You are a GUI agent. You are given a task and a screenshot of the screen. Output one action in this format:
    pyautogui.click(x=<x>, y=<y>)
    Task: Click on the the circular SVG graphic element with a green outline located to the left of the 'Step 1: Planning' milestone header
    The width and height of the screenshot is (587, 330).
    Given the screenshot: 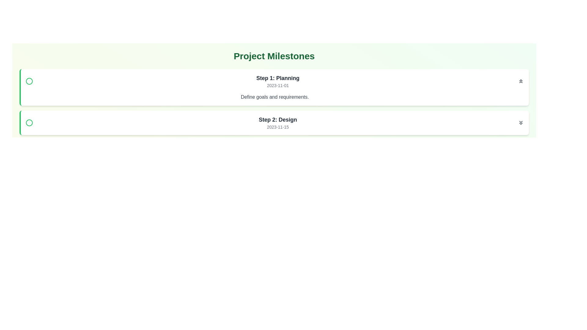 What is the action you would take?
    pyautogui.click(x=29, y=81)
    